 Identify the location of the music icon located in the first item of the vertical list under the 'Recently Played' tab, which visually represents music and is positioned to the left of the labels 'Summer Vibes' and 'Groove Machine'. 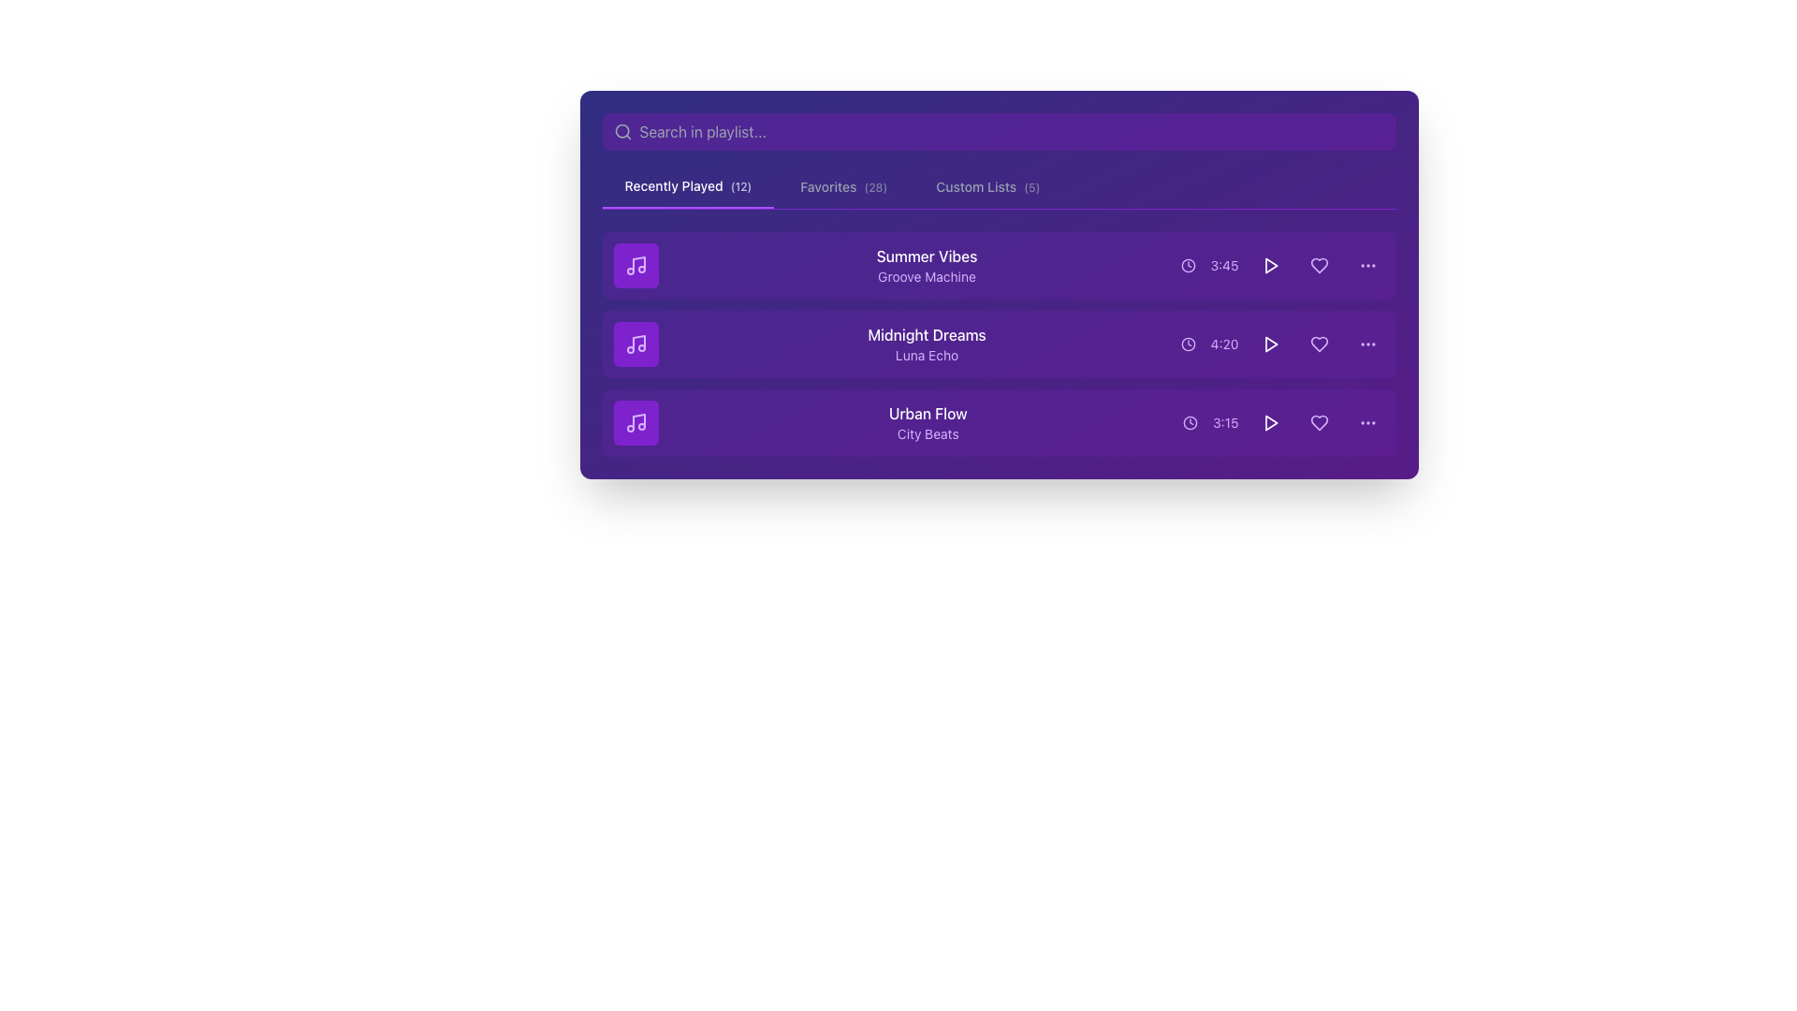
(638, 264).